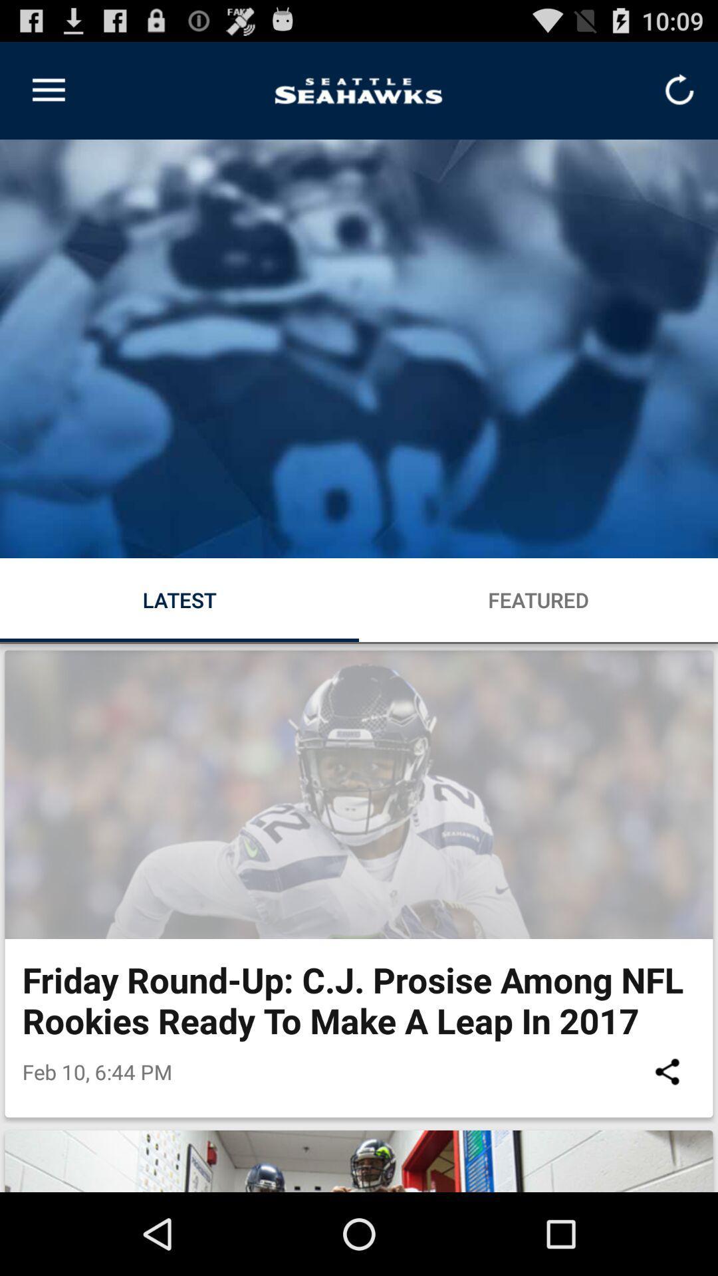  What do you see at coordinates (667, 1071) in the screenshot?
I see `icon to the right of the feb 10 6` at bounding box center [667, 1071].